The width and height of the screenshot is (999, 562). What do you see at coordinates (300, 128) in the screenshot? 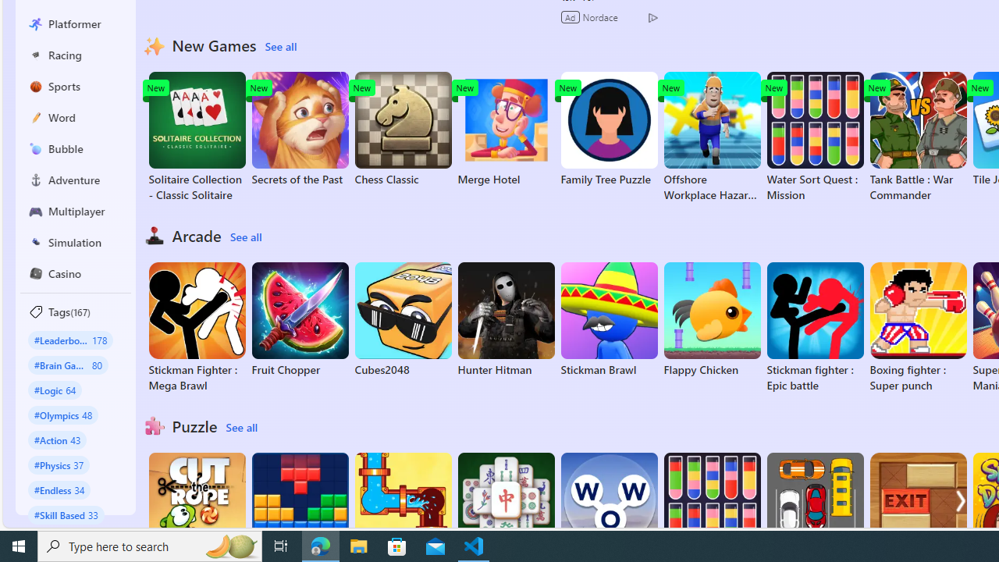
I see `'Secrets of the Past'` at bounding box center [300, 128].